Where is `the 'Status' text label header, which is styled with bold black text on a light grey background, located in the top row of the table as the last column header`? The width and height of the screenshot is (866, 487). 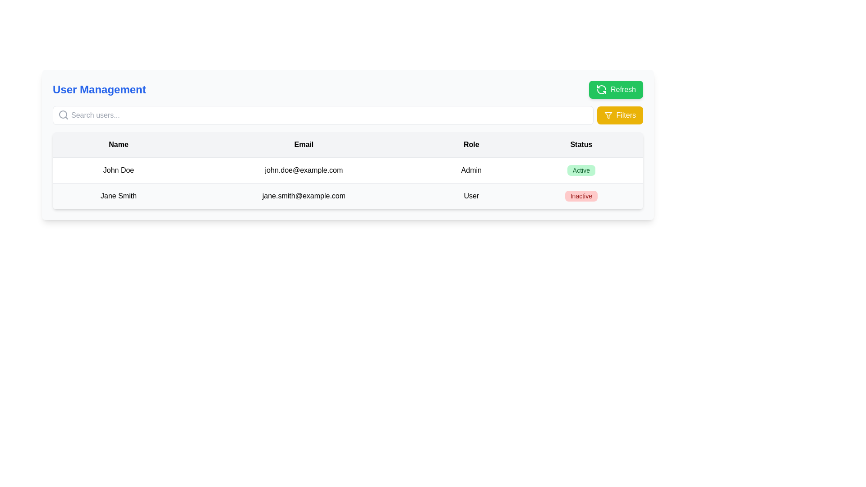
the 'Status' text label header, which is styled with bold black text on a light grey background, located in the top row of the table as the last column header is located at coordinates (581, 144).